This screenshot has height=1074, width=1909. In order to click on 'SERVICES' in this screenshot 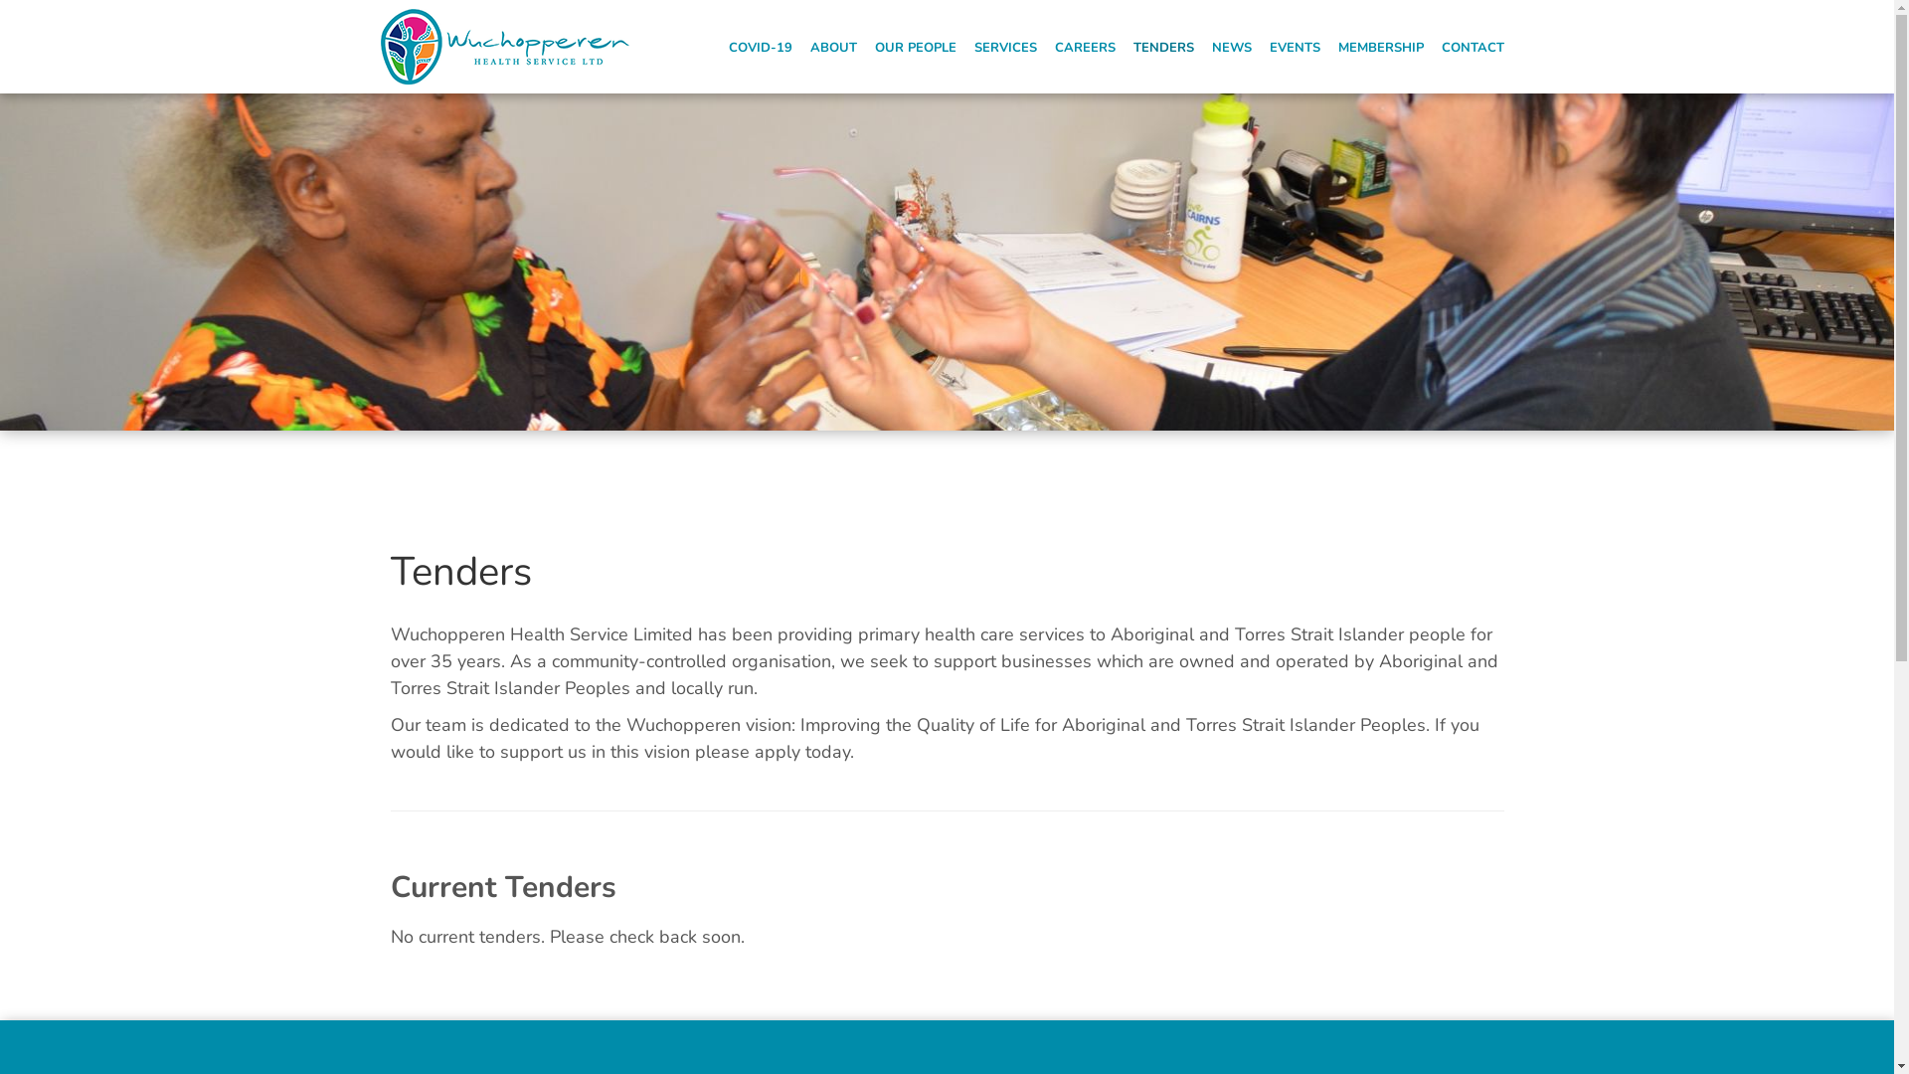, I will do `click(1005, 46)`.